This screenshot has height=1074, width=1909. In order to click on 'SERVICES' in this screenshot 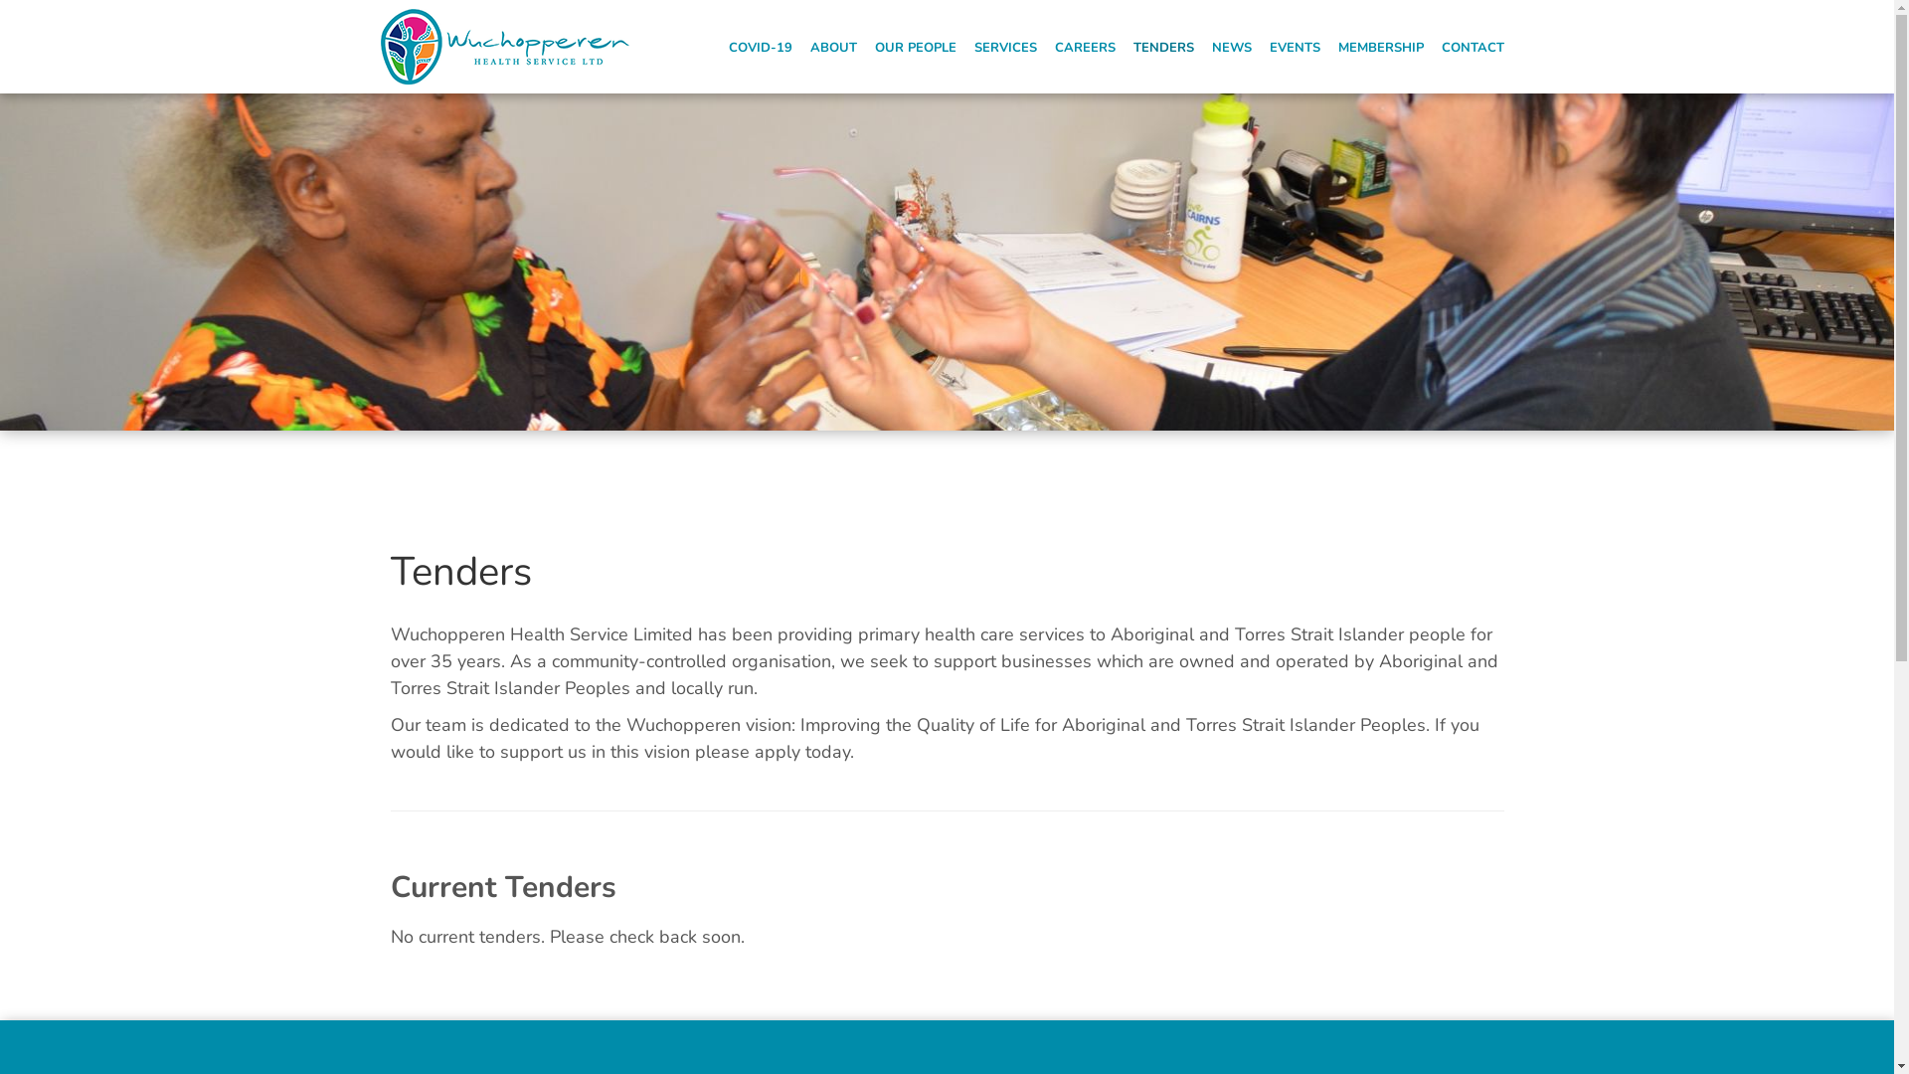, I will do `click(1005, 46)`.